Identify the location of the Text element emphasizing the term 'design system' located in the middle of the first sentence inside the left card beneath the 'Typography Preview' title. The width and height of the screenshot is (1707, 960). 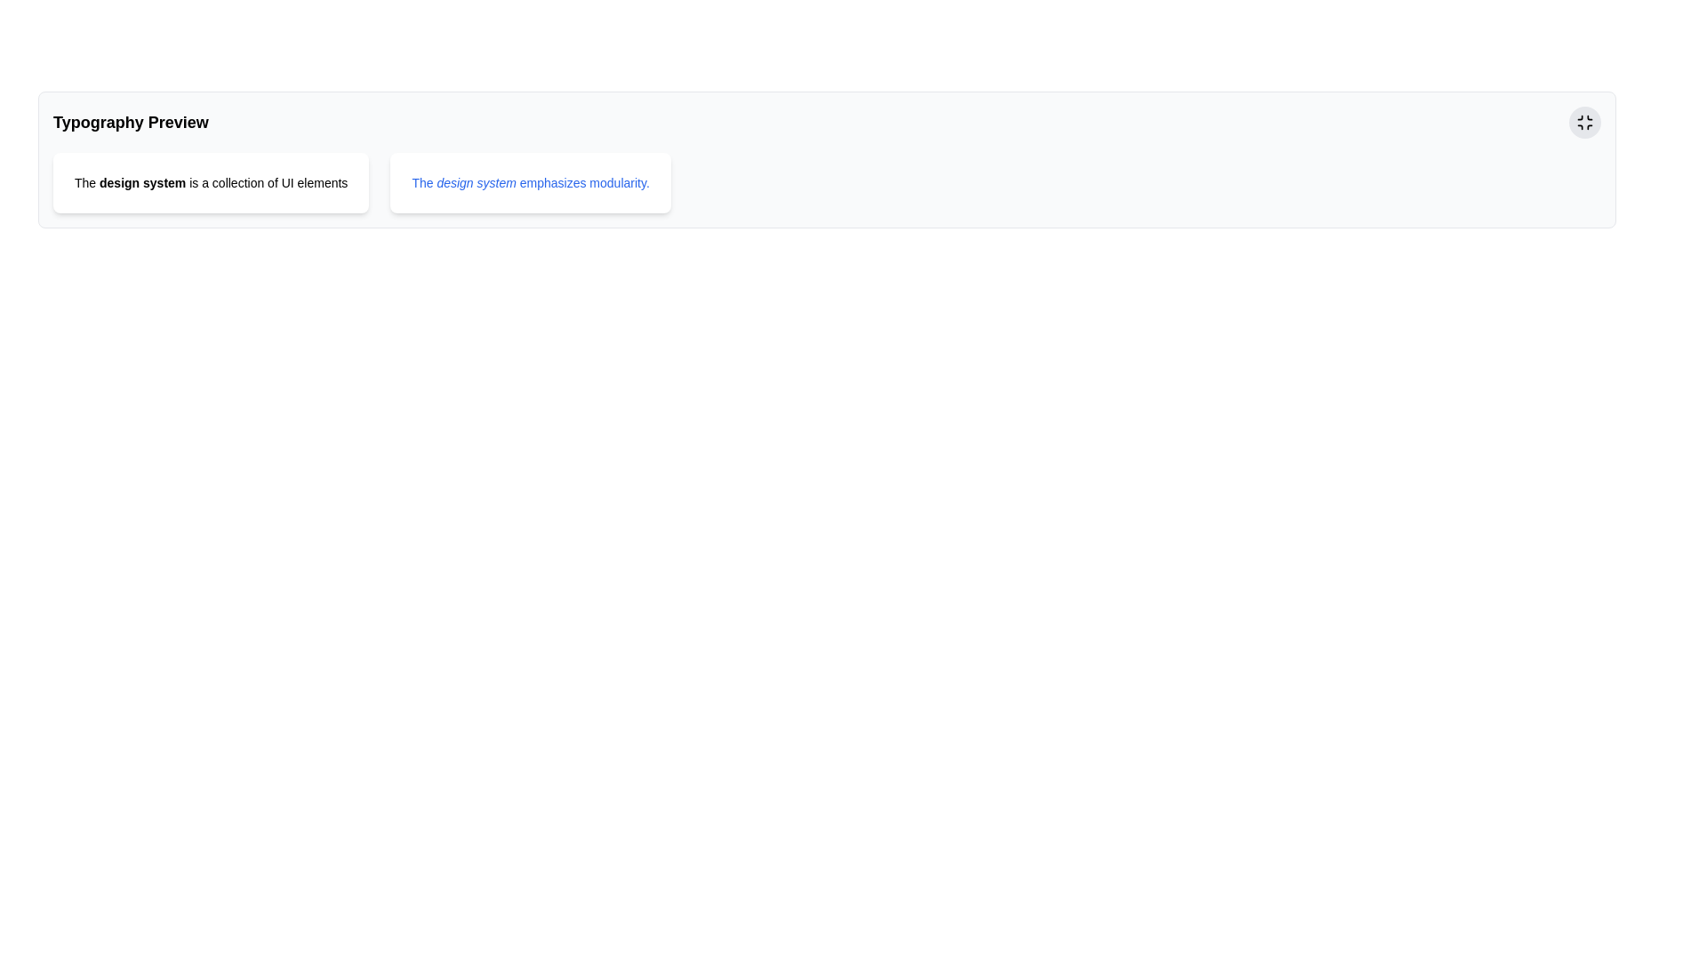
(142, 182).